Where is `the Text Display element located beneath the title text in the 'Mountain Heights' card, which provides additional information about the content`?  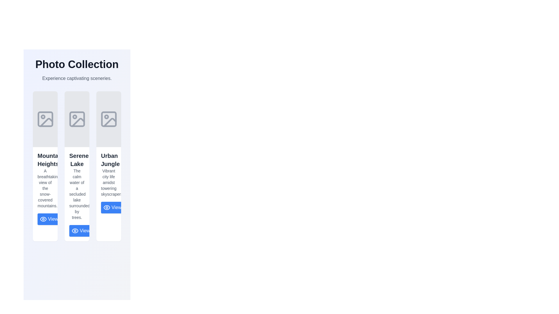
the Text Display element located beneath the title text in the 'Mountain Heights' card, which provides additional information about the content is located at coordinates (45, 188).